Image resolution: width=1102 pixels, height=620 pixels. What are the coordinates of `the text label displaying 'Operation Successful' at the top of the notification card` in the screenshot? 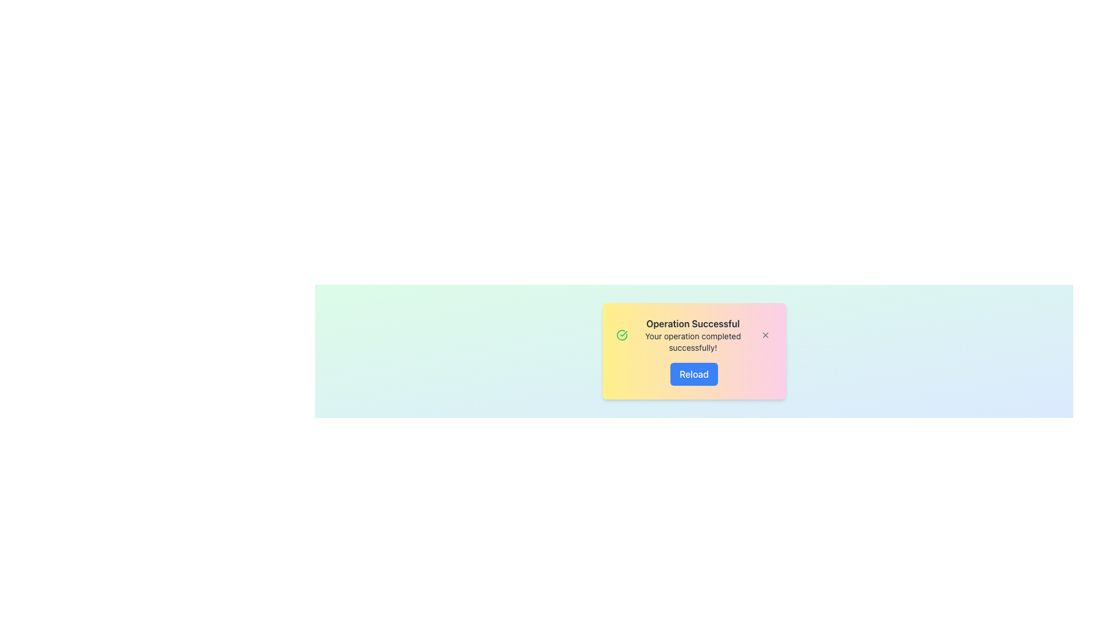 It's located at (692, 323).